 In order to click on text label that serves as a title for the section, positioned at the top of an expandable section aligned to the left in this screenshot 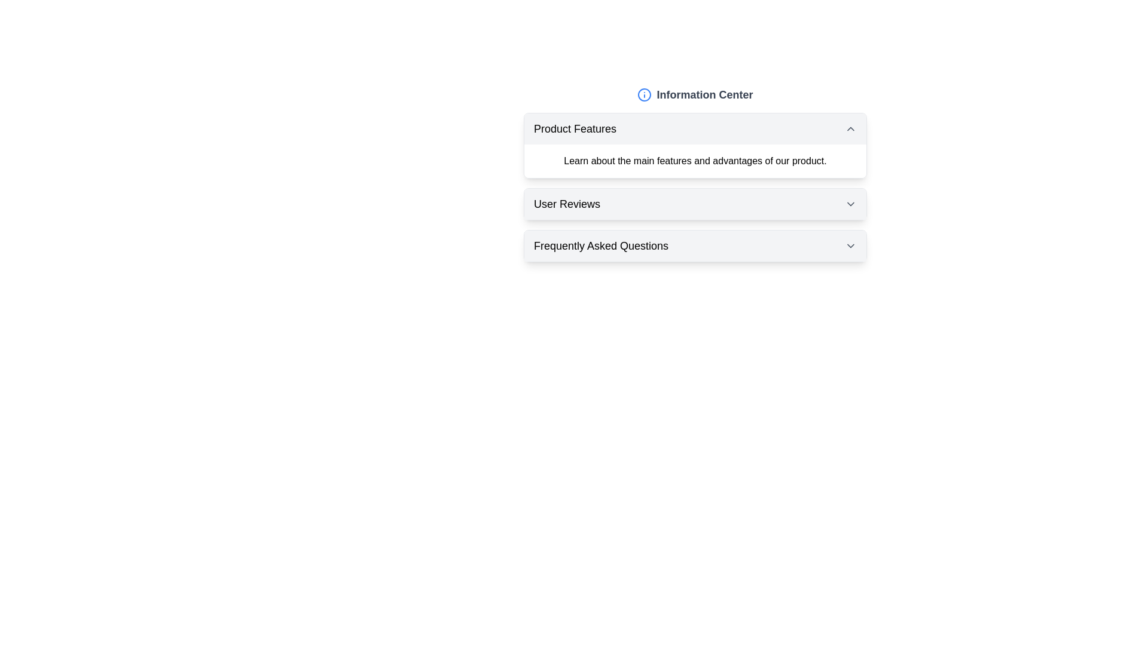, I will do `click(575, 129)`.